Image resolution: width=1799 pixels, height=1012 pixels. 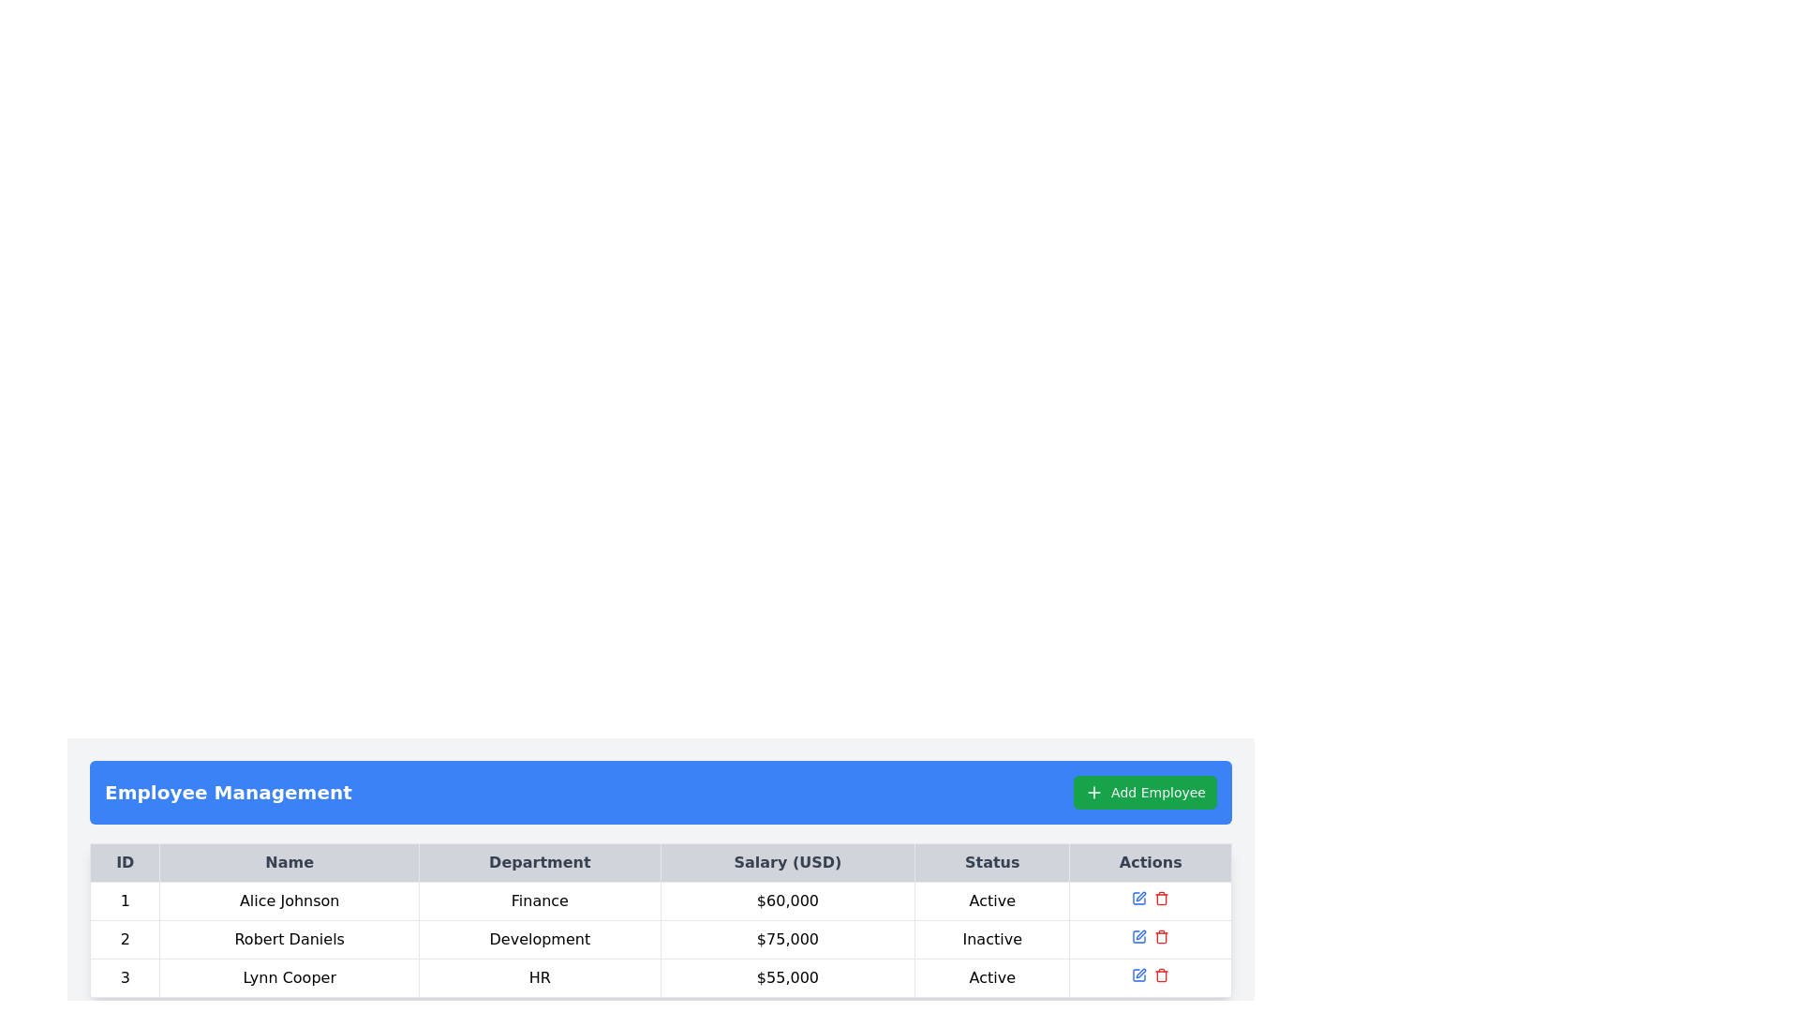 What do you see at coordinates (124, 977) in the screenshot?
I see `the table cell containing the number '3' located in the first column under the 'ID' header in the third row, corresponding to 'Lynn Cooper', to focus on the row` at bounding box center [124, 977].